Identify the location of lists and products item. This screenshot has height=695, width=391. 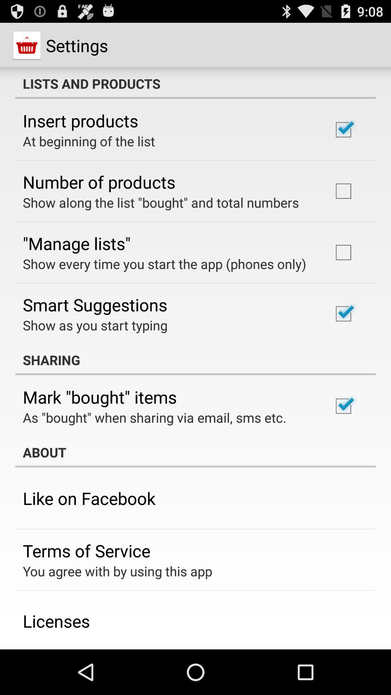
(195, 83).